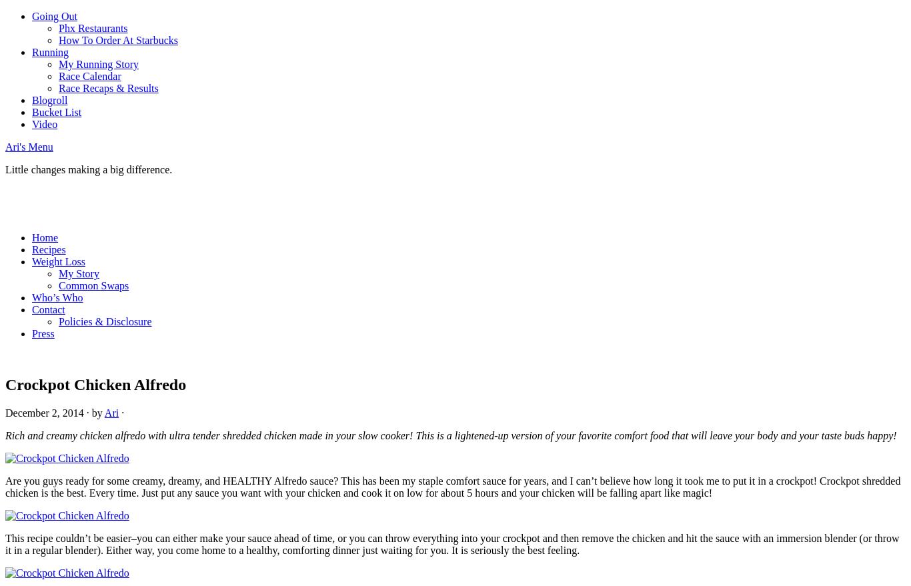 This screenshot has height=586, width=911. What do you see at coordinates (48, 309) in the screenshot?
I see `'Contact'` at bounding box center [48, 309].